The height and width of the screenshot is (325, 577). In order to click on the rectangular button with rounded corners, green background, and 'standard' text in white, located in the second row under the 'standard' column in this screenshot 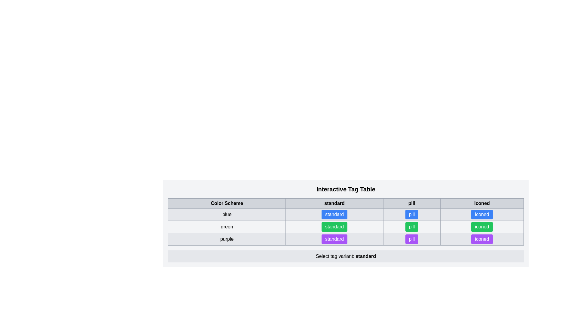, I will do `click(334, 227)`.